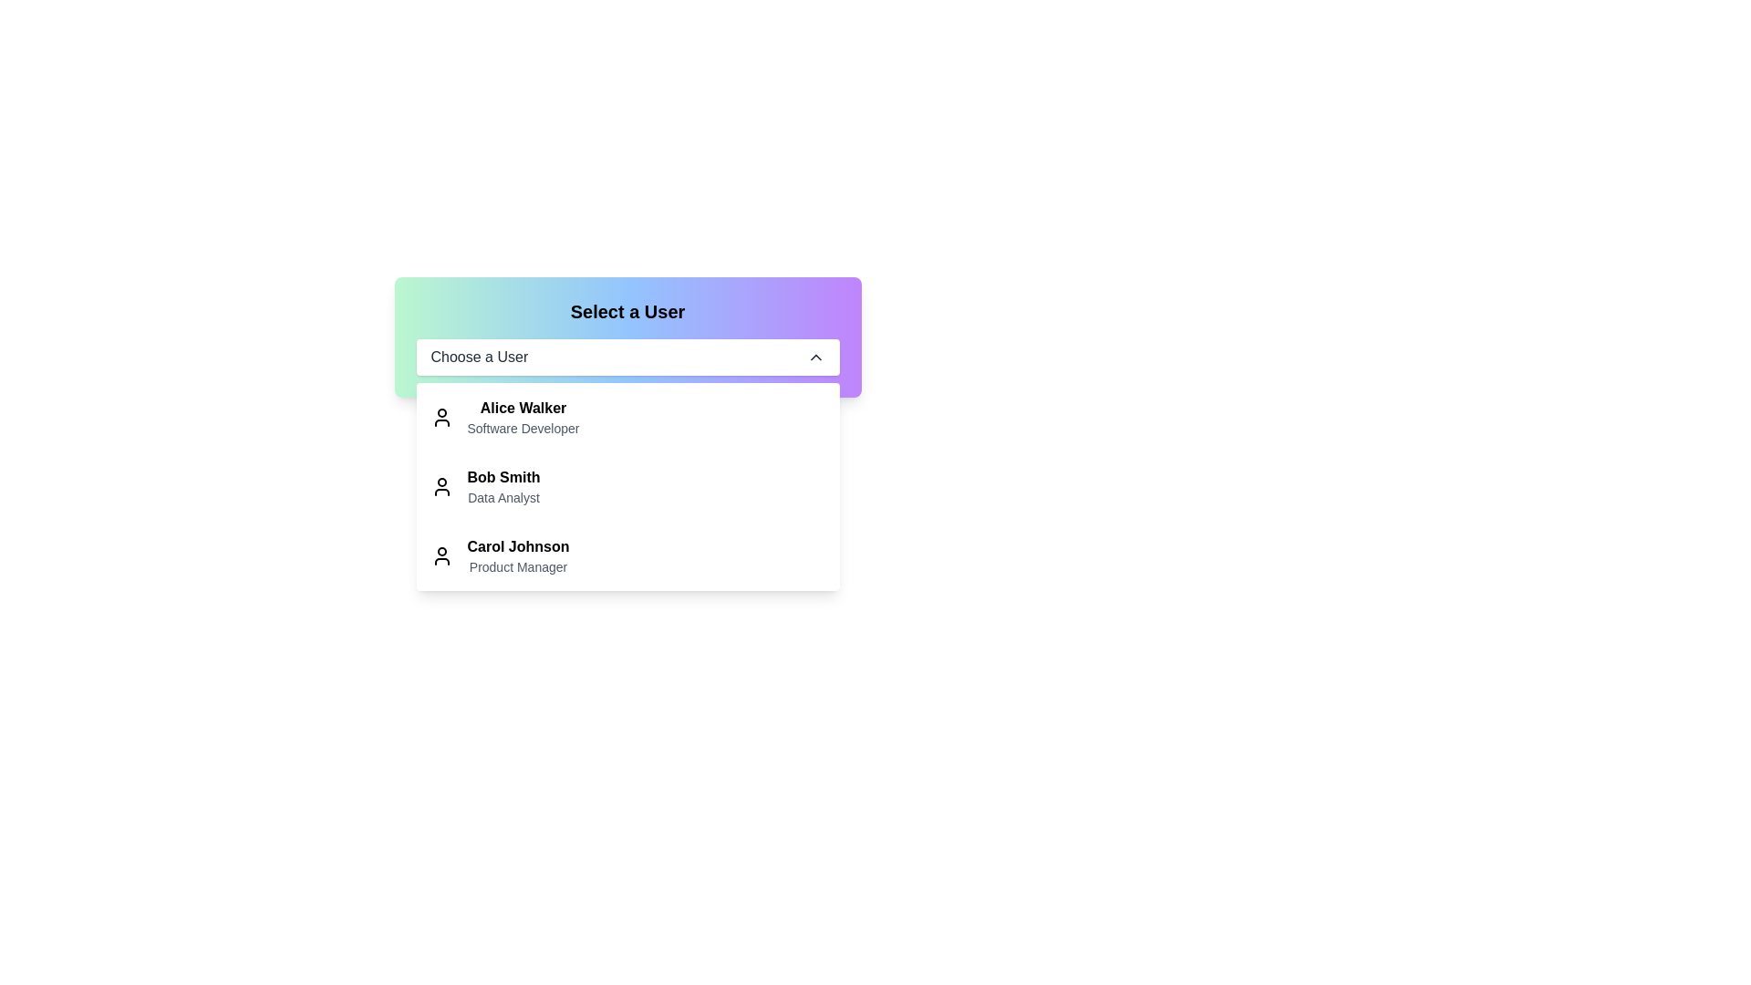  Describe the element at coordinates (522, 407) in the screenshot. I see `text displayed as 'Alice Walker' in bold black font within the dropdown menu labeled 'Select a User'` at that location.